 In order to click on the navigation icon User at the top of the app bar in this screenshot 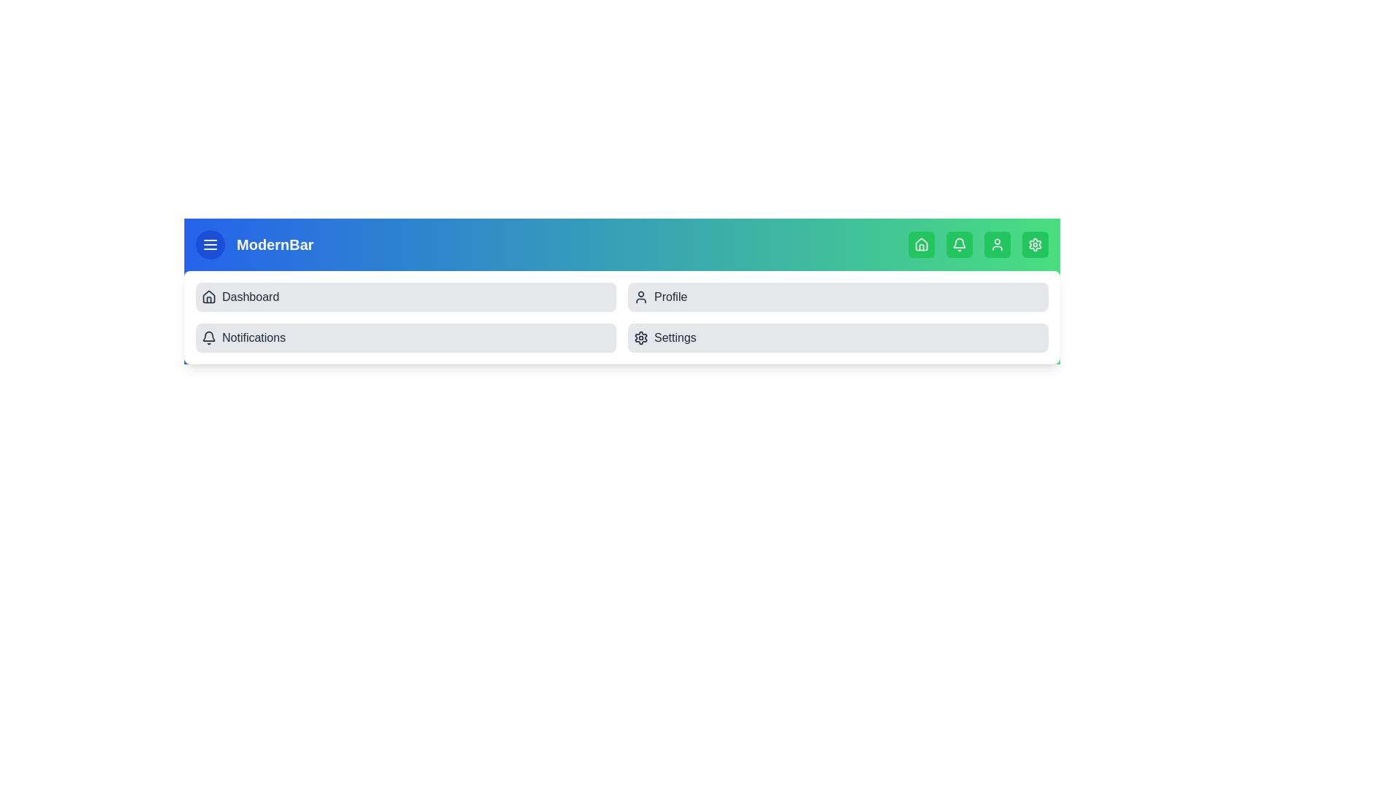, I will do `click(996, 243)`.